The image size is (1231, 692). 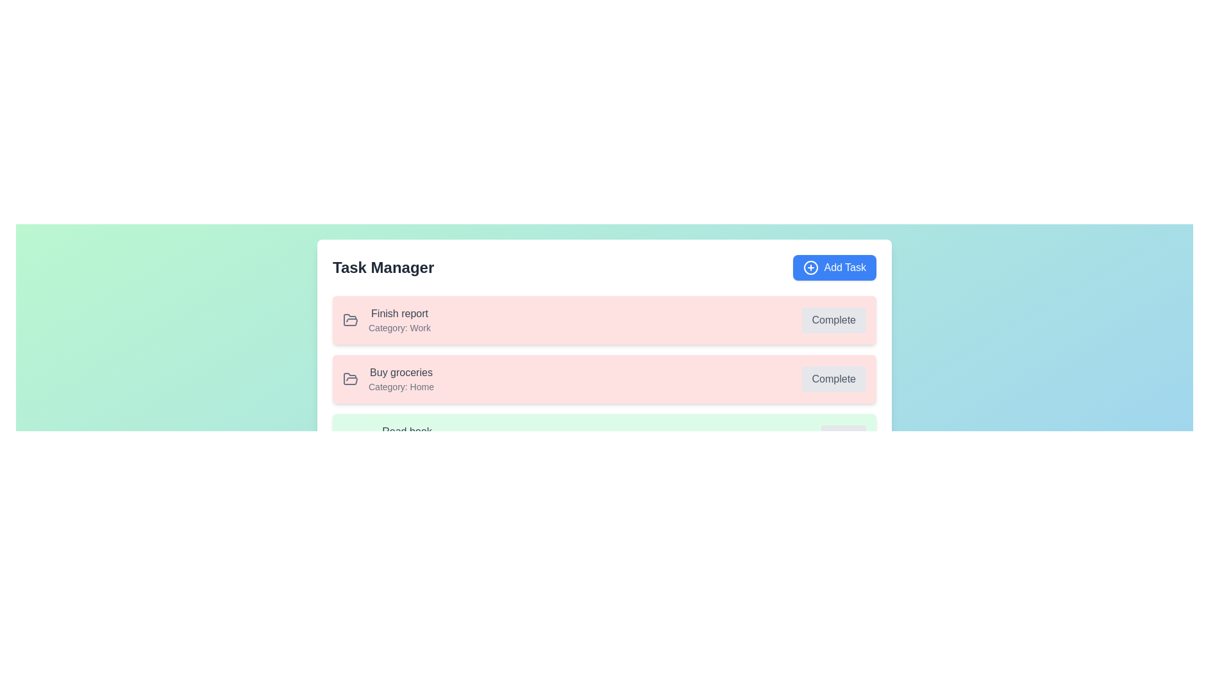 I want to click on the text label indicating the category for the 'Finish report' task, which is positioned directly beneath the title within the pink task card, so click(x=399, y=327).